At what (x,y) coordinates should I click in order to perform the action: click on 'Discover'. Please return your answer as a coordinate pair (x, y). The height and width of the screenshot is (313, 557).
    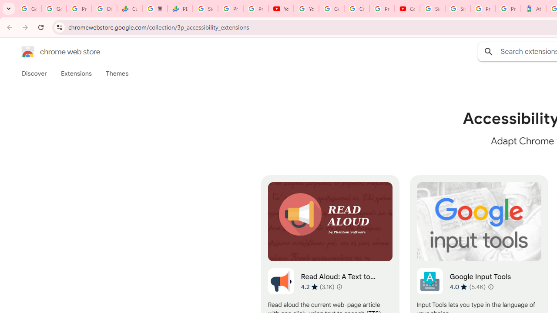
    Looking at the image, I should click on (34, 73).